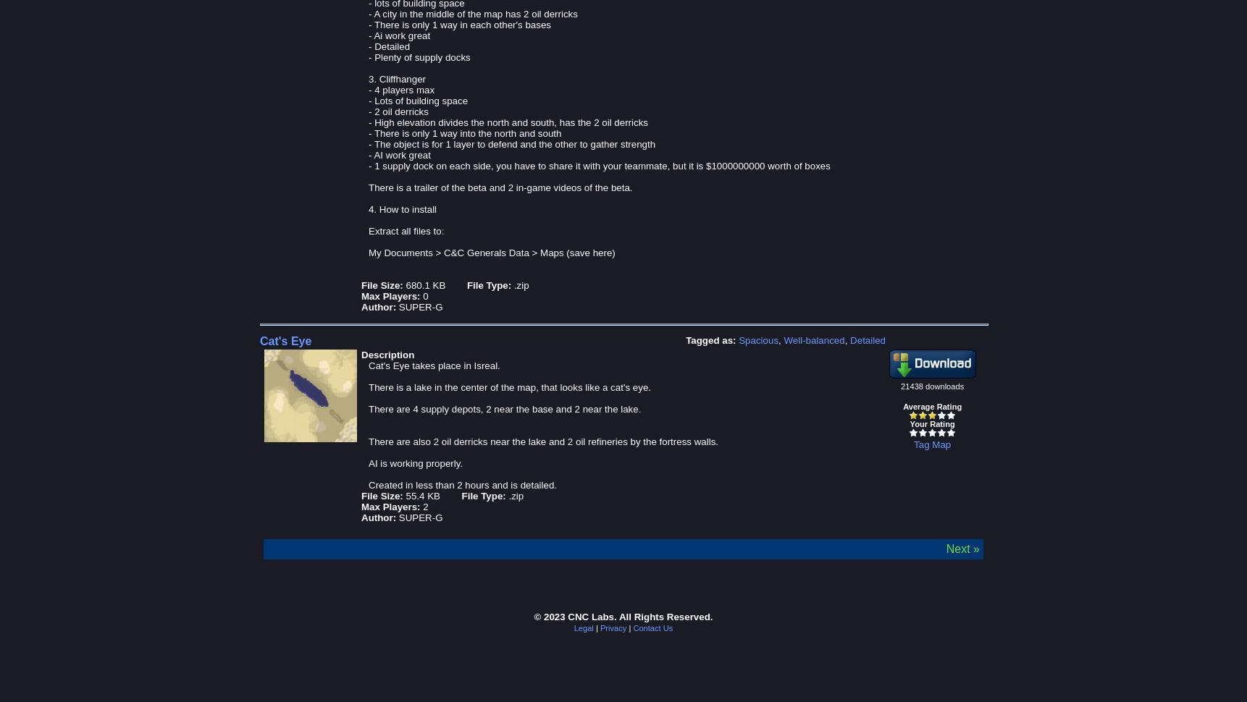 The image size is (1247, 702). What do you see at coordinates (813, 339) in the screenshot?
I see `'Well-balanced'` at bounding box center [813, 339].